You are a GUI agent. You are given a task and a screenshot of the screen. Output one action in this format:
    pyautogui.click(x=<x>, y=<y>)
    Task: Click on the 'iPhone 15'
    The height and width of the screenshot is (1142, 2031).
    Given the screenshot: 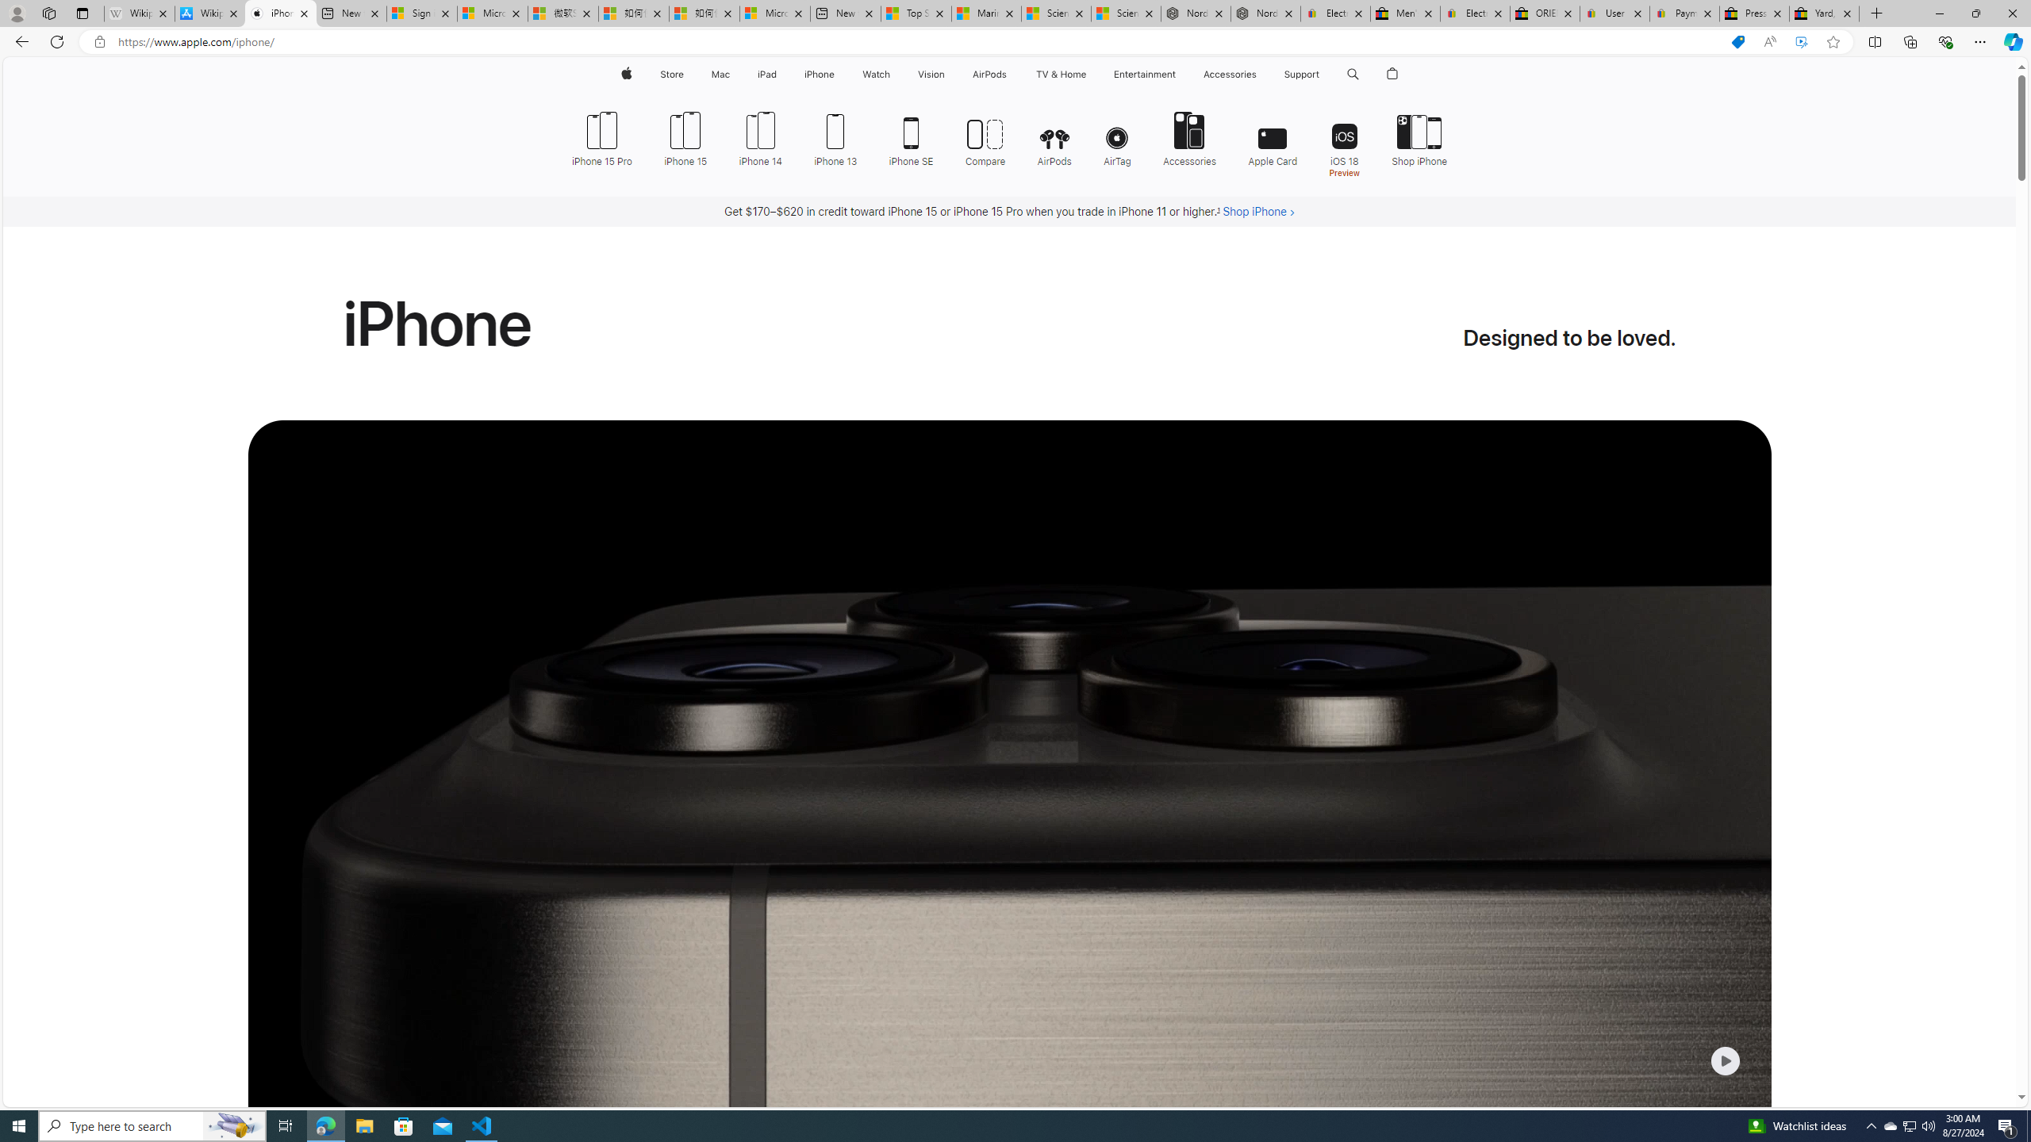 What is the action you would take?
    pyautogui.click(x=685, y=136)
    